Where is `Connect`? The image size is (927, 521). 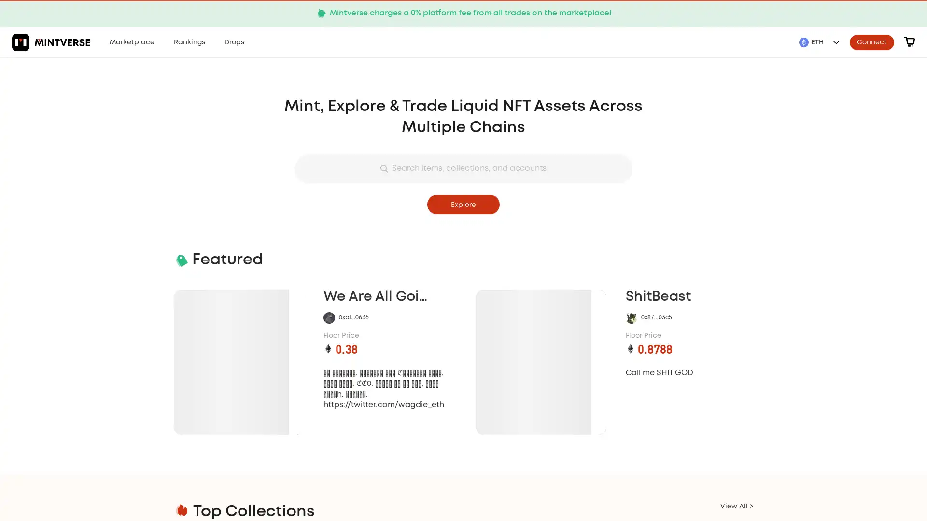 Connect is located at coordinates (871, 41).